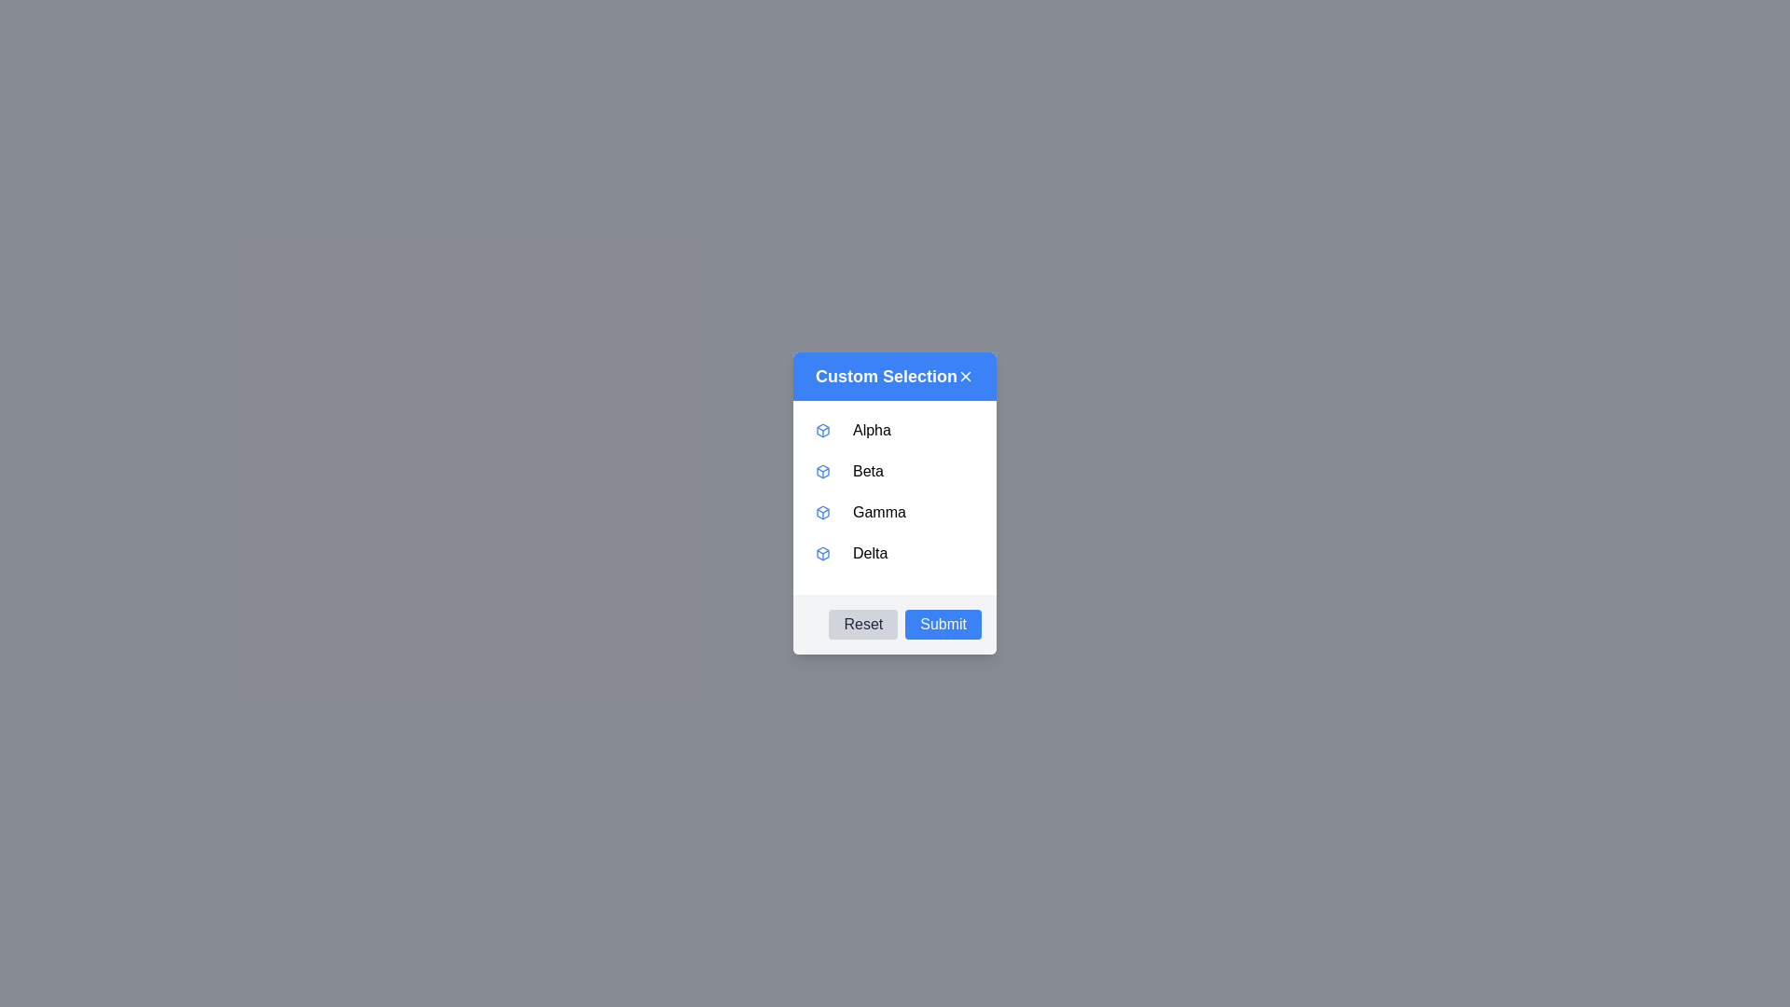 The width and height of the screenshot is (1790, 1007). What do you see at coordinates (895, 553) in the screenshot?
I see `the list item labeled 'Delta', which is the fourth row in the selection list` at bounding box center [895, 553].